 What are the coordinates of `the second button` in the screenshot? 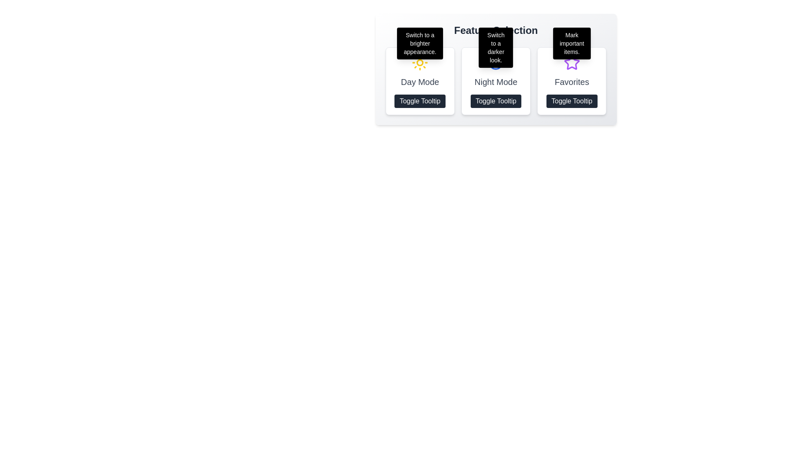 It's located at (496, 81).